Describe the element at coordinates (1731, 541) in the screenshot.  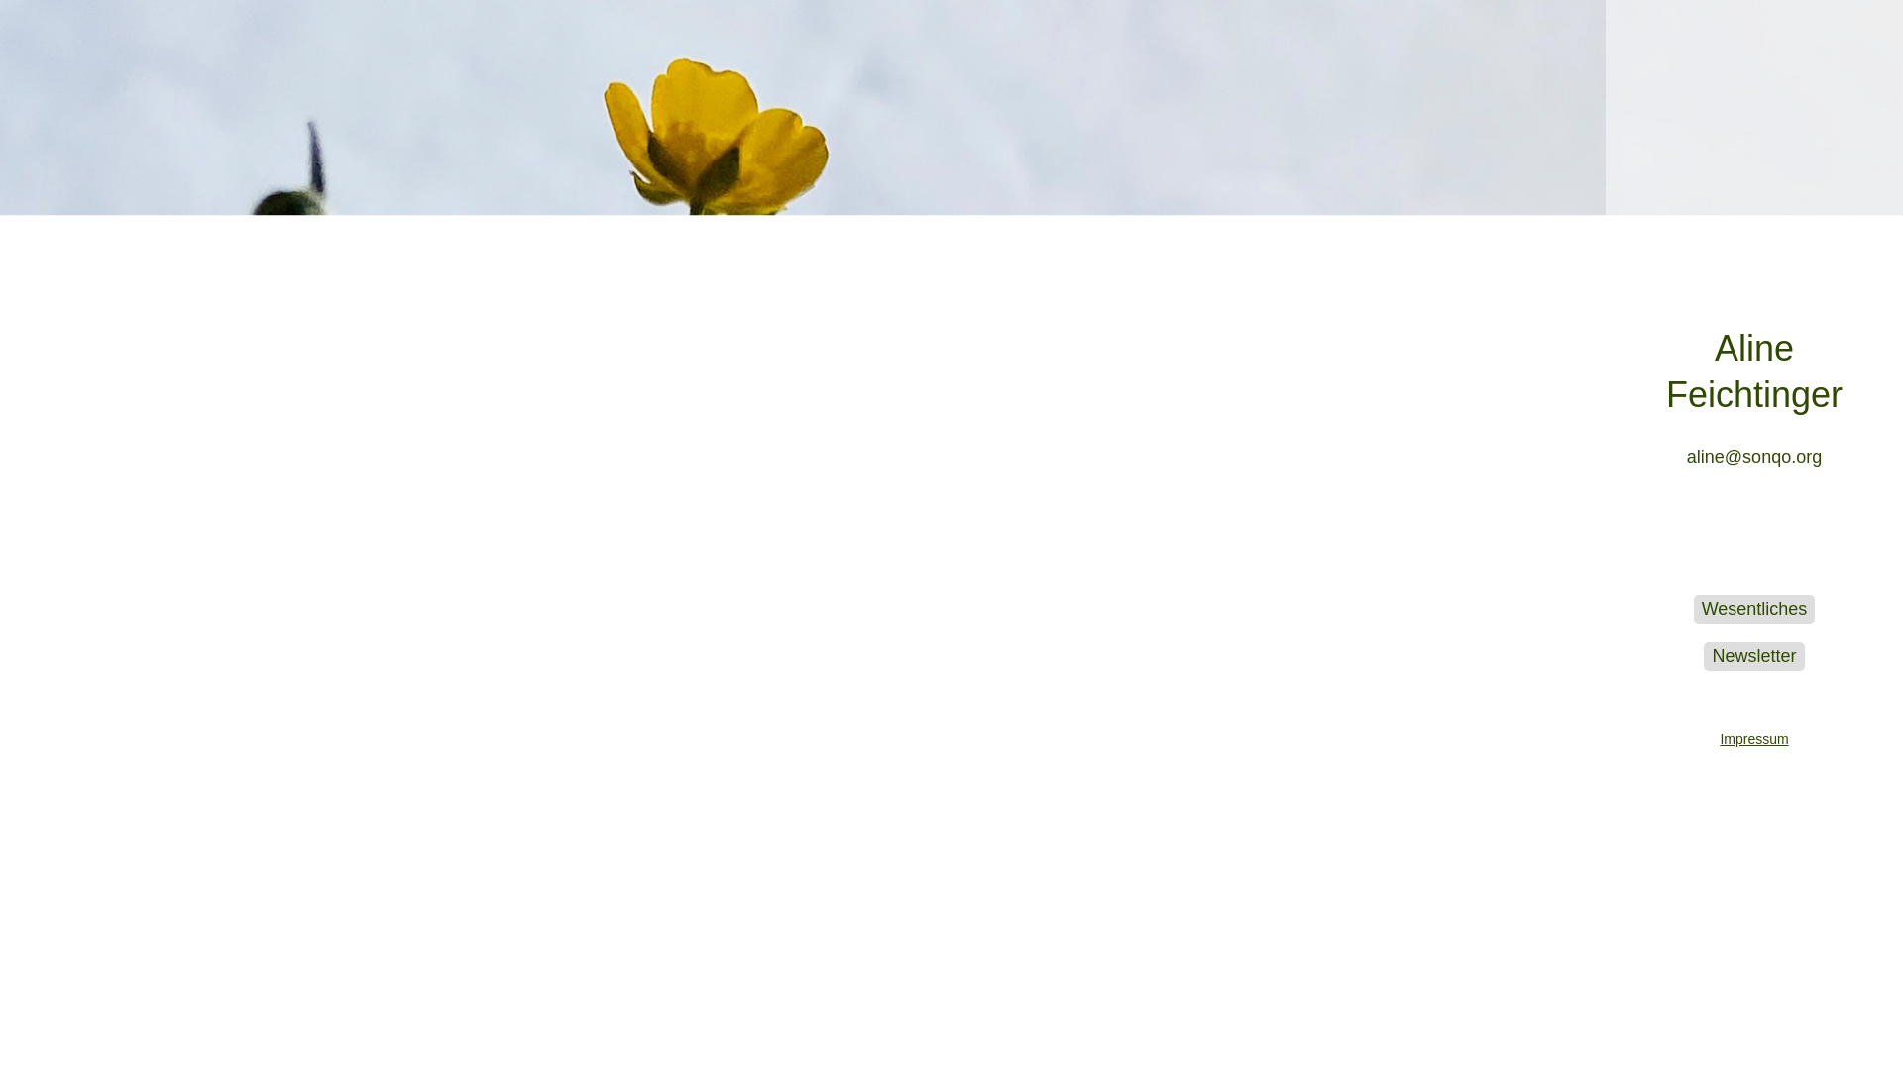
I see `'Aline Feichtinger bei Instagram'` at that location.